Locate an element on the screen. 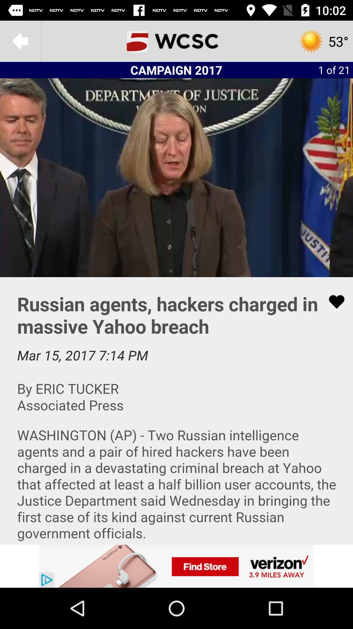 This screenshot has height=629, width=353. visit verizon is located at coordinates (176, 566).